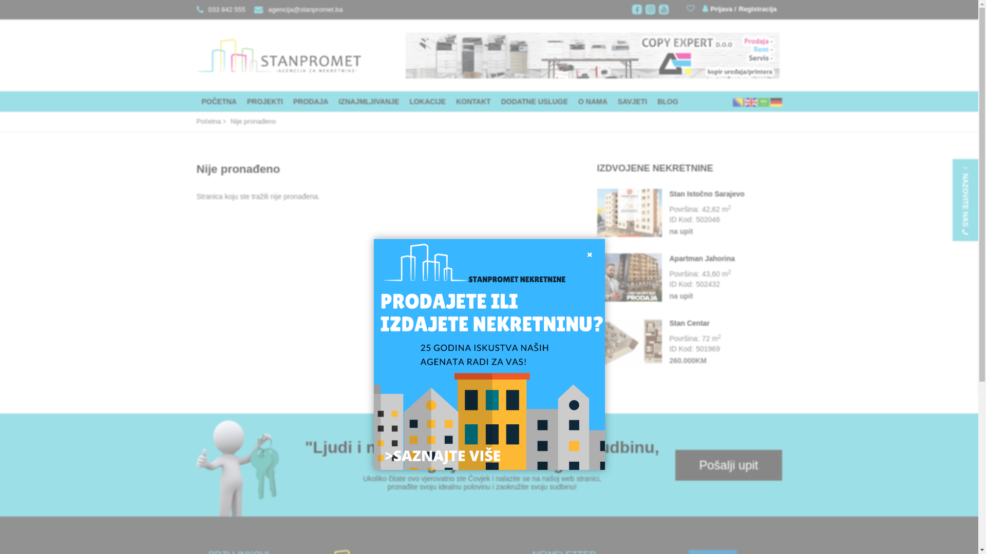 Image resolution: width=986 pixels, height=554 pixels. What do you see at coordinates (776, 101) in the screenshot?
I see `'Deutsch'` at bounding box center [776, 101].